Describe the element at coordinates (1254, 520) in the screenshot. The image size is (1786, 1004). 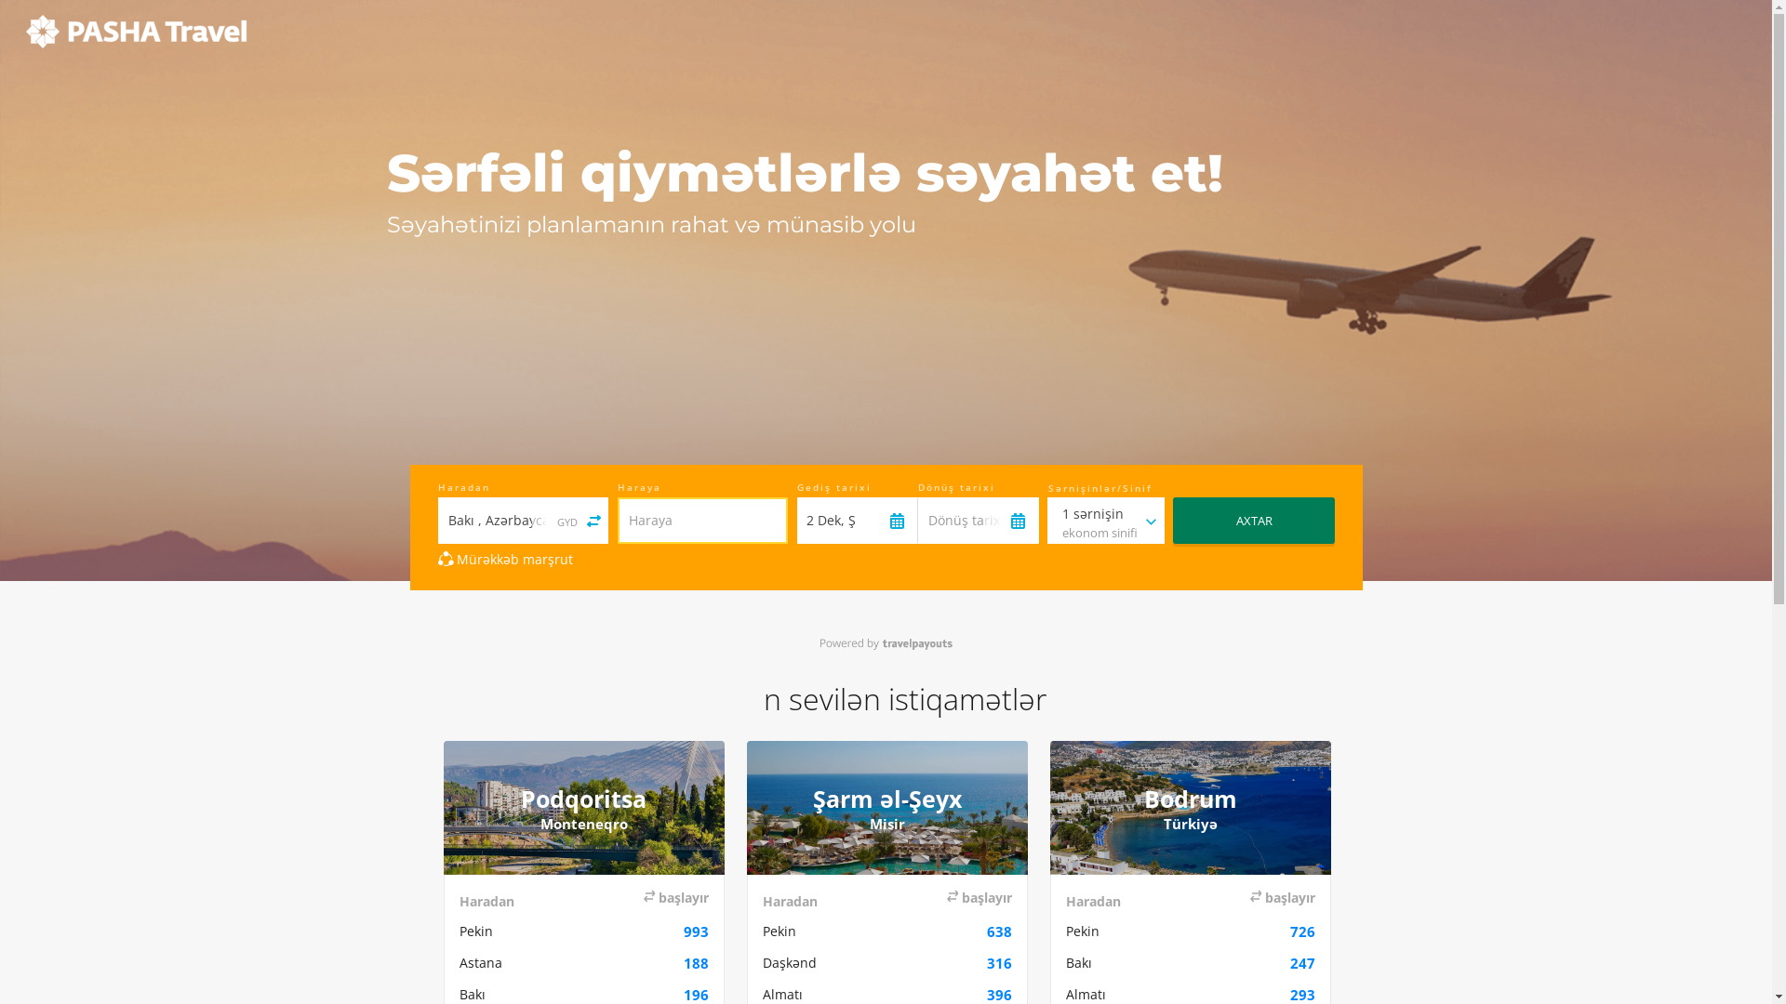
I see `'AXTAR'` at that location.